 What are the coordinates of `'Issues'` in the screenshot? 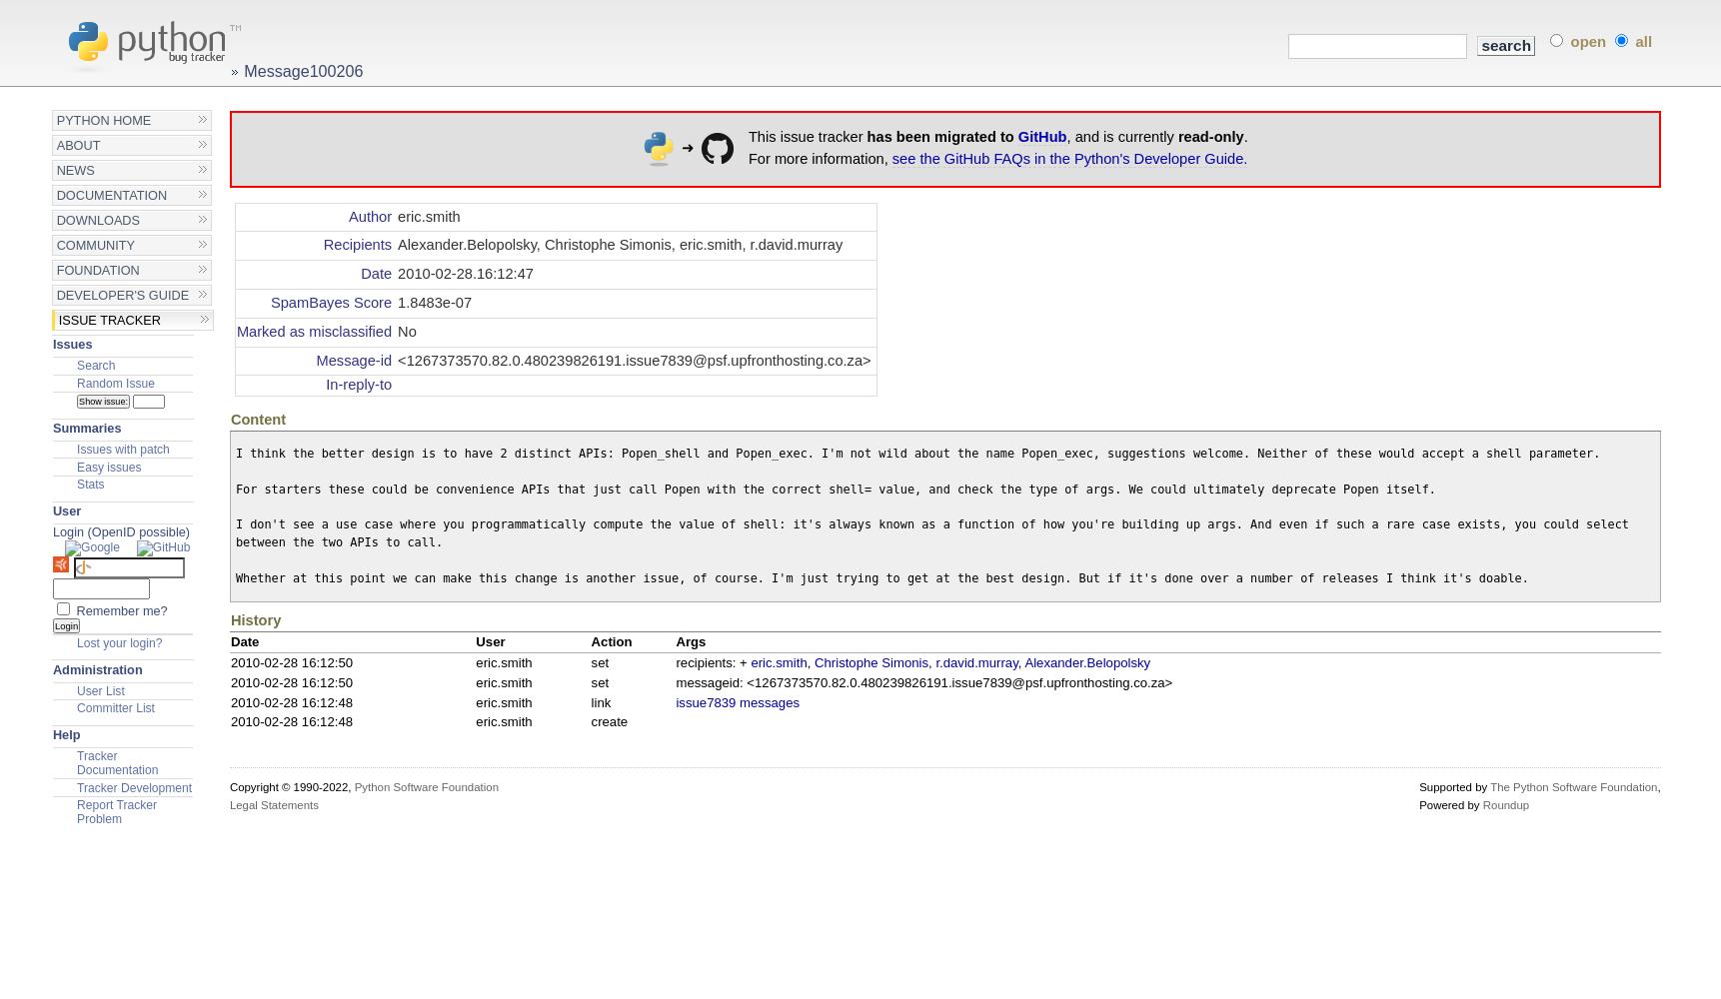 It's located at (70, 343).